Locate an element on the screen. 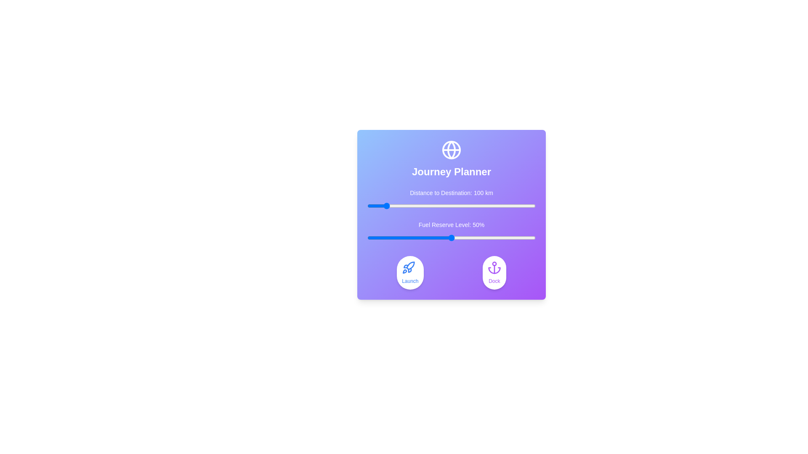 The width and height of the screenshot is (808, 454). the distance slider to 874 km is located at coordinates (514, 206).